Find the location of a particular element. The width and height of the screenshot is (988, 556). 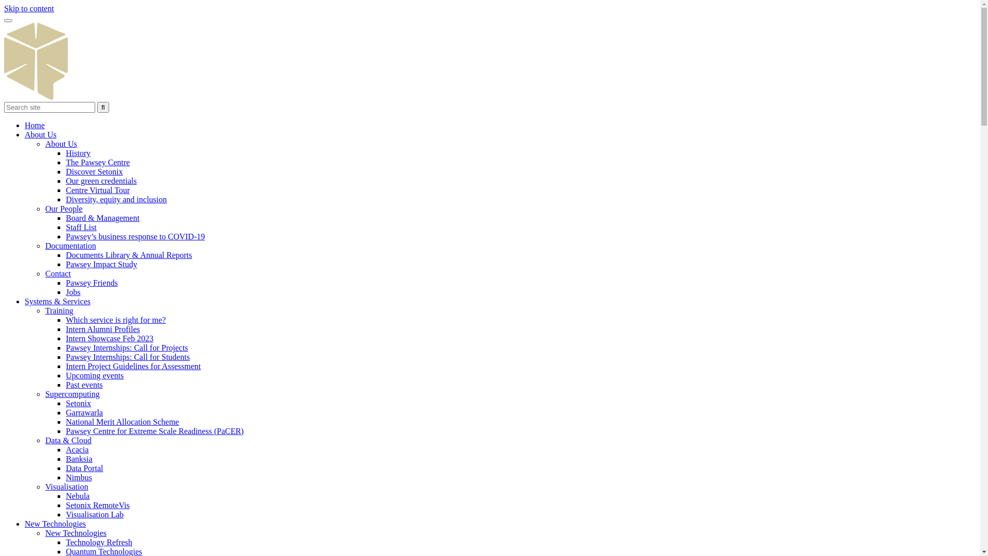

'Skip to content' is located at coordinates (29, 8).